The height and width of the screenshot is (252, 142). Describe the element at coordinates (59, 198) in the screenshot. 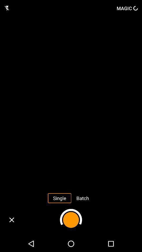

I see `item to the left of the batch` at that location.